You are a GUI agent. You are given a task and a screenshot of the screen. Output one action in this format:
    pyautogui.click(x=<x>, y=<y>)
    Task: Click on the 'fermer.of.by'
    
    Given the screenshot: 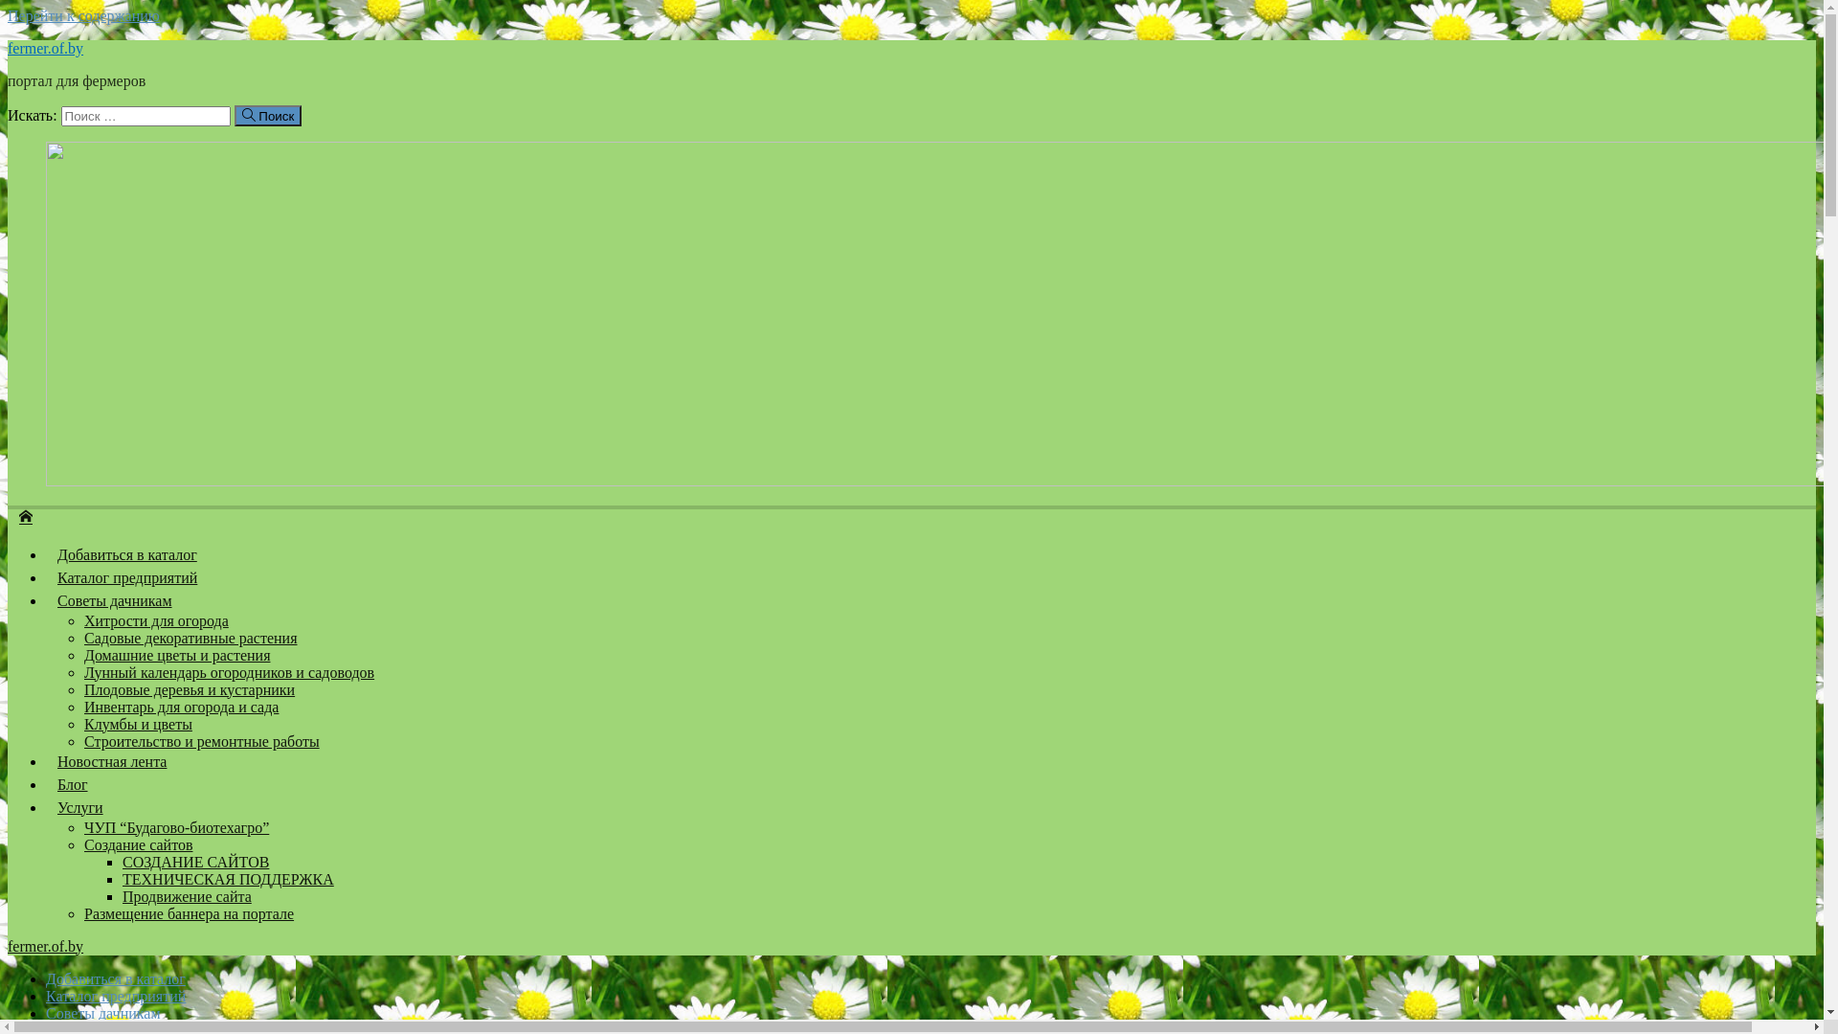 What is the action you would take?
    pyautogui.click(x=8, y=514)
    